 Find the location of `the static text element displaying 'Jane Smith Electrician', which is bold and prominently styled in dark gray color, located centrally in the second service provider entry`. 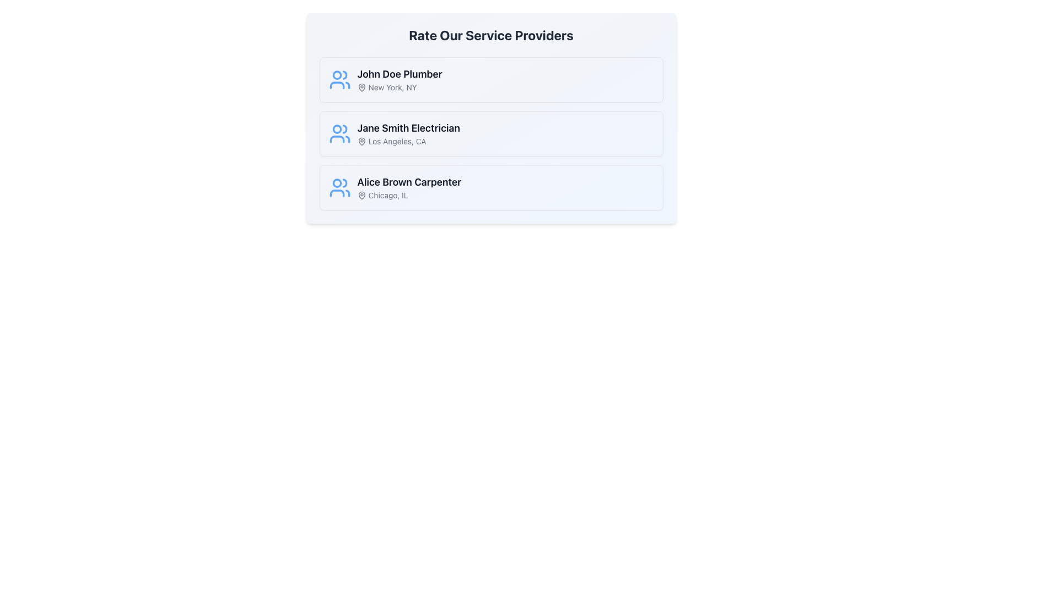

the static text element displaying 'Jane Smith Electrician', which is bold and prominently styled in dark gray color, located centrally in the second service provider entry is located at coordinates (408, 127).